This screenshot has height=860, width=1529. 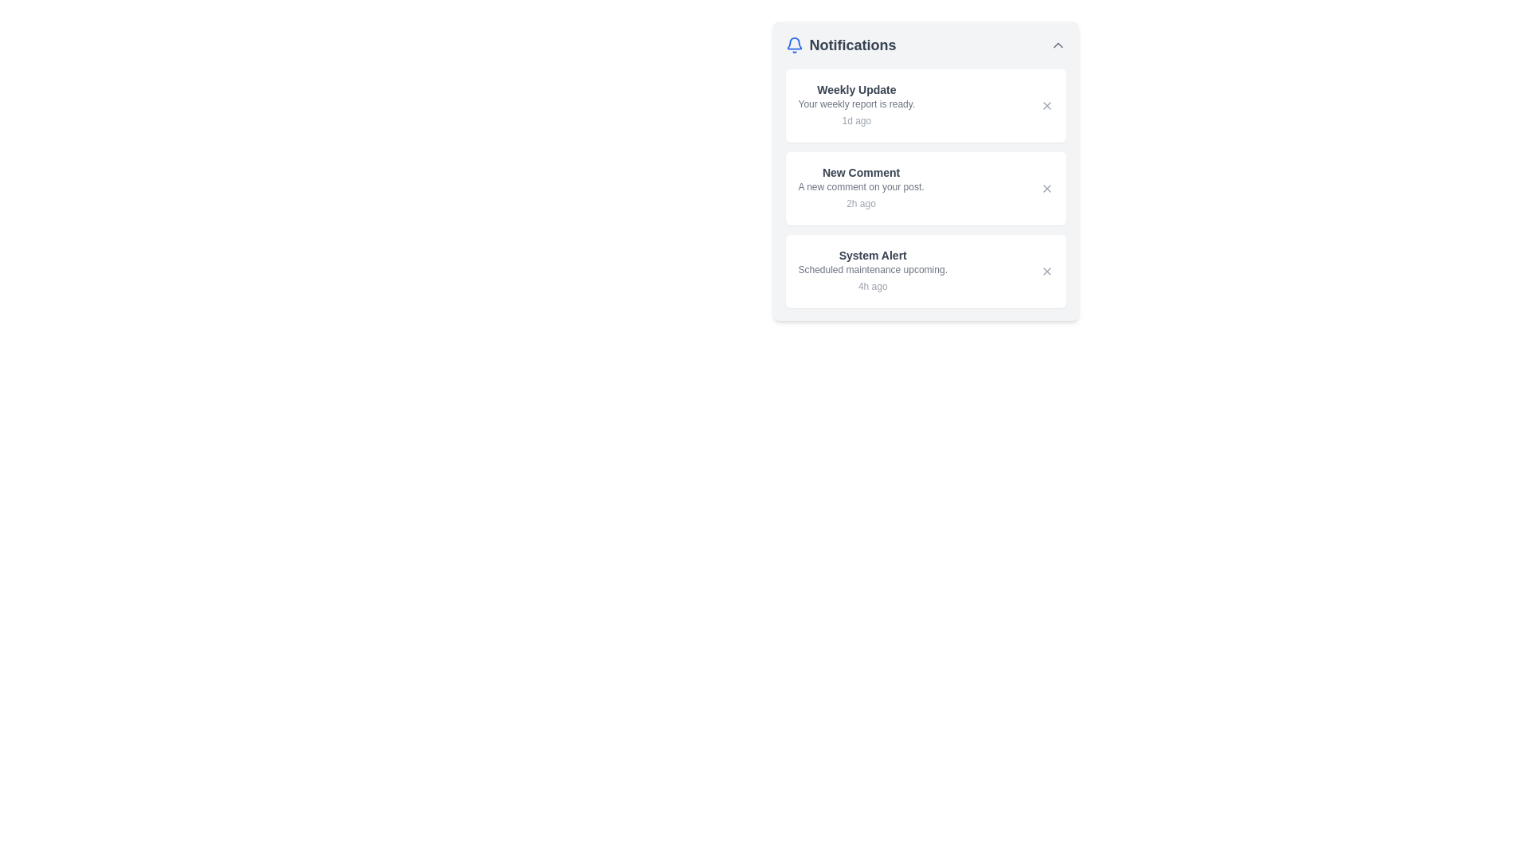 I want to click on the bell icon located in the top-left corner of the 'Notifications' section, which visually indicates notifications, so click(x=794, y=45).